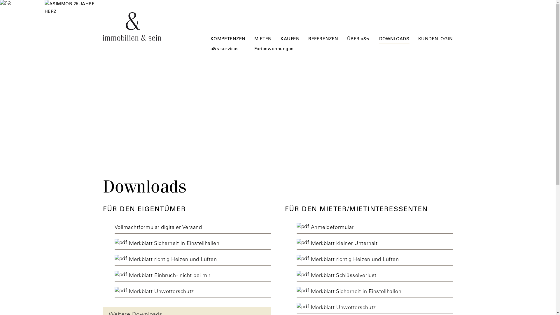  What do you see at coordinates (192, 275) in the screenshot?
I see `'Merkblatt Einbruch - nicht bei mir'` at bounding box center [192, 275].